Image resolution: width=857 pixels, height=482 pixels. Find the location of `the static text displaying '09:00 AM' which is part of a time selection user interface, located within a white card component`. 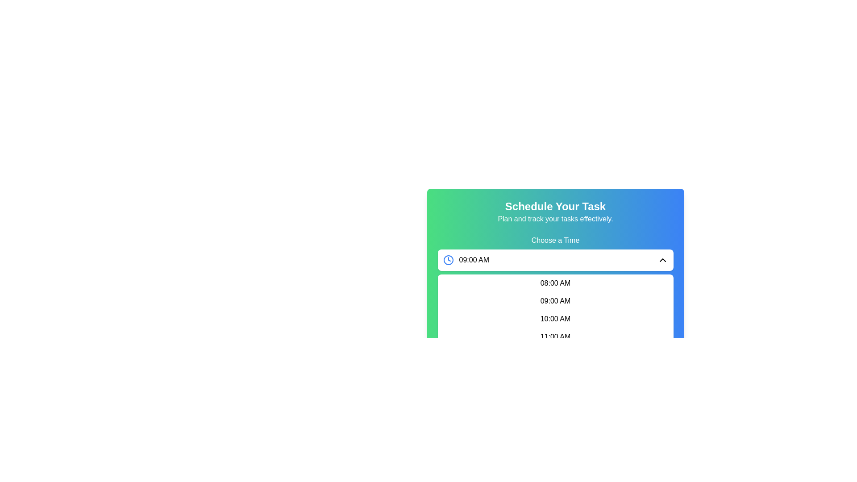

the static text displaying '09:00 AM' which is part of a time selection user interface, located within a white card component is located at coordinates (466, 260).